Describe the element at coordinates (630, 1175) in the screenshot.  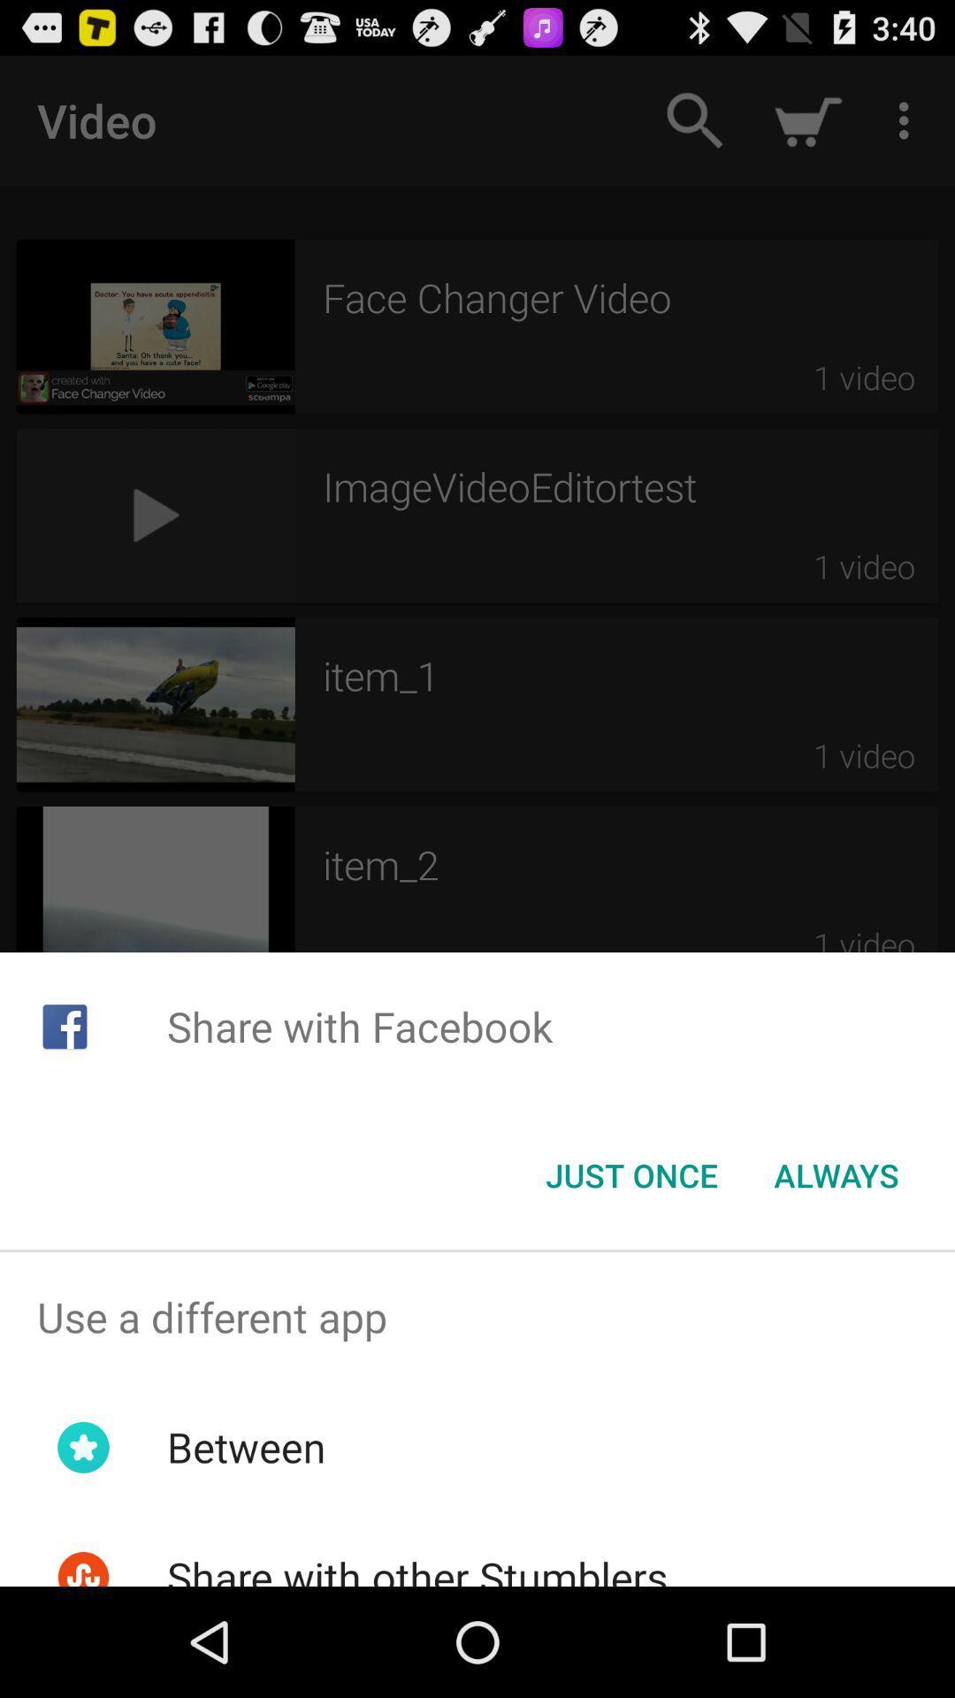
I see `the item below share with facebook` at that location.